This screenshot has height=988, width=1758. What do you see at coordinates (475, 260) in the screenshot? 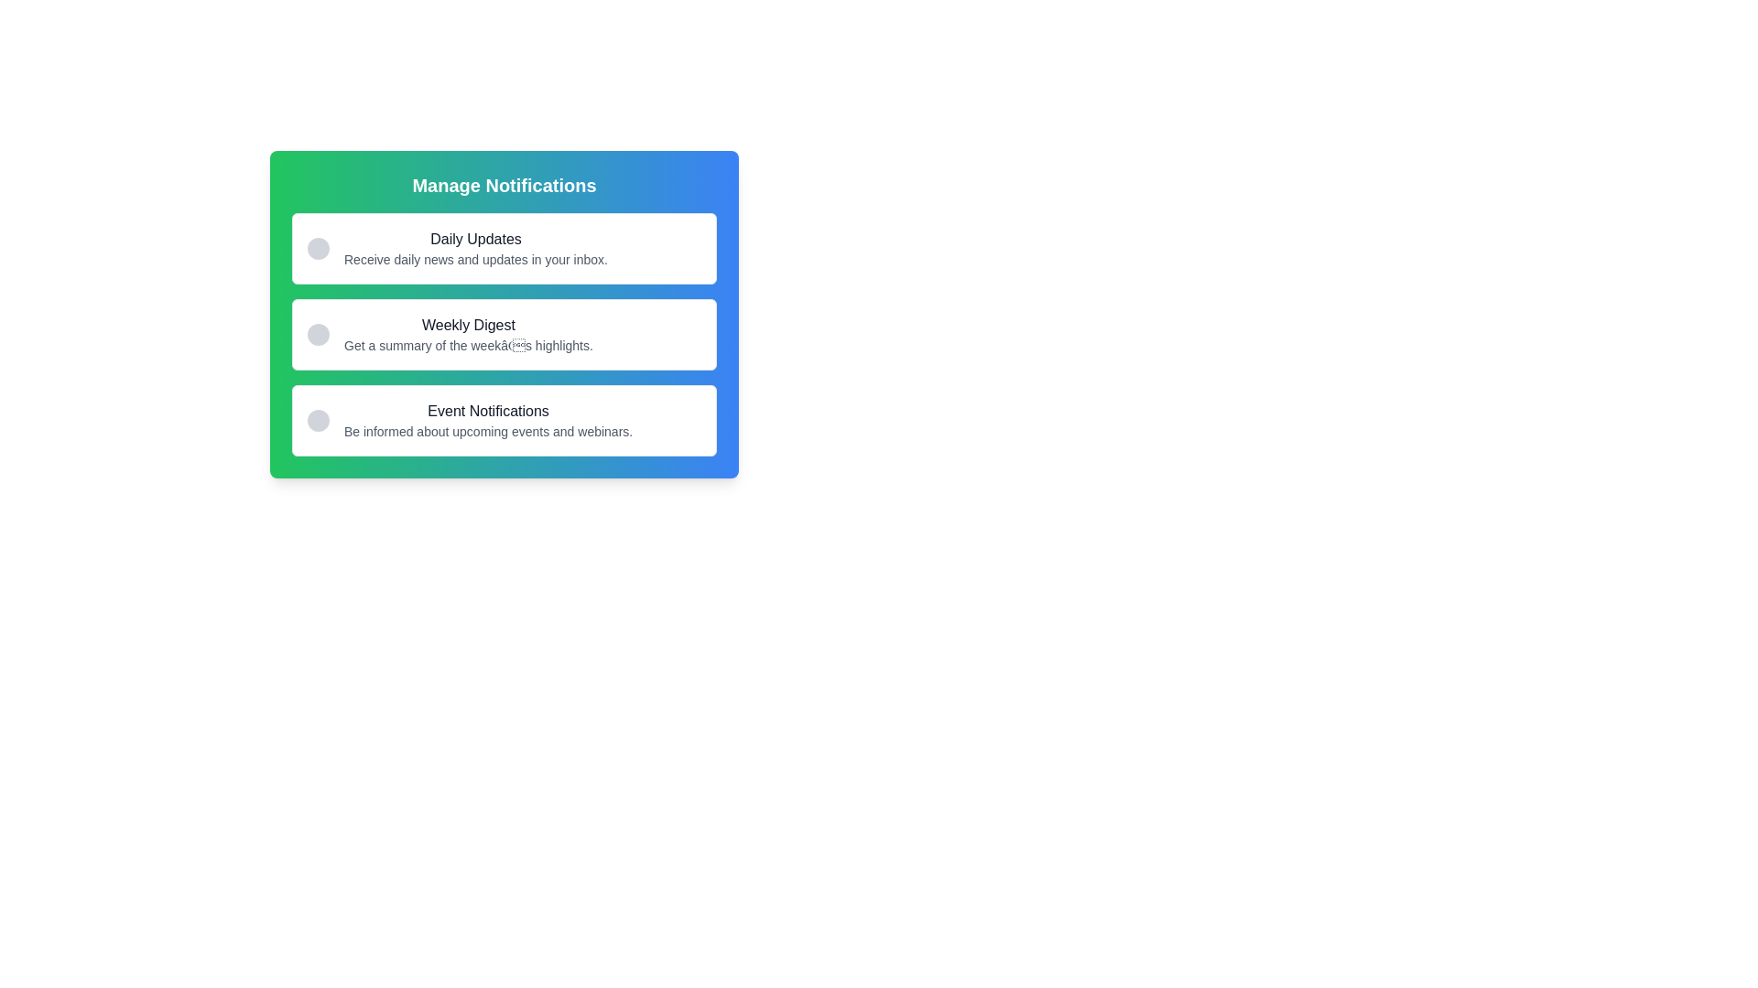
I see `descriptive text label located immediately below the 'Daily Updates' heading, which provides additional context about the topic` at bounding box center [475, 260].